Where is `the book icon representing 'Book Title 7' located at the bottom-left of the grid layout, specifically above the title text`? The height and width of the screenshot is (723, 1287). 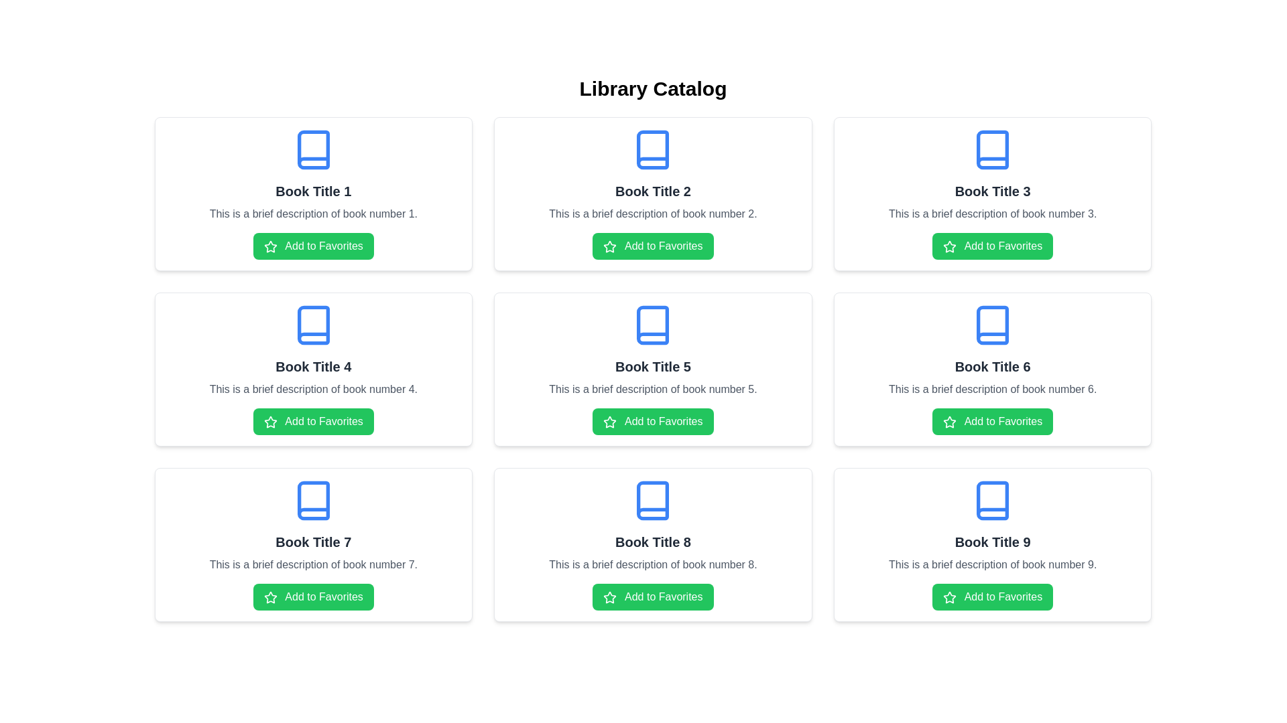
the book icon representing 'Book Title 7' located at the bottom-left of the grid layout, specifically above the title text is located at coordinates (312, 501).